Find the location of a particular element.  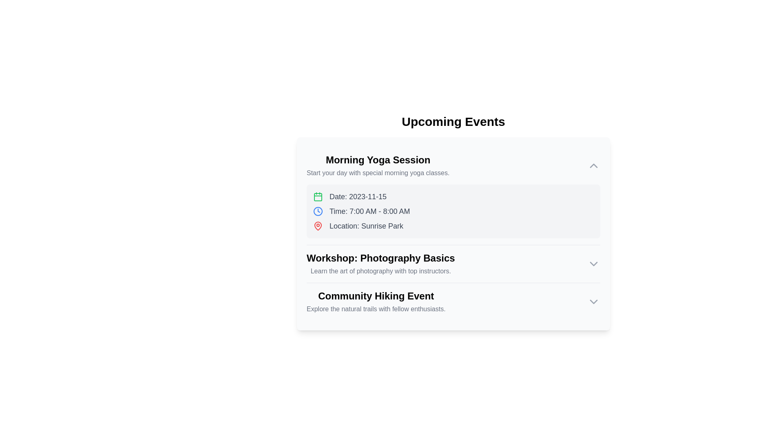

the static text label displaying the date of the 'Morning Yoga Session' event, which is positioned to the left of the time information and to the right of the green calendar icon is located at coordinates (358, 196).